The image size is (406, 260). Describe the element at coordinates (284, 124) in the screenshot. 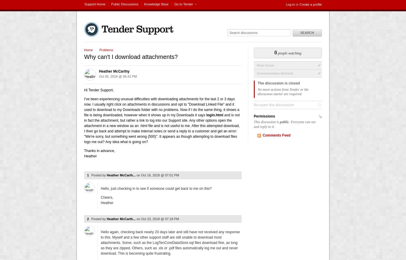

I see `'. Everyone can see and reply to it.'` at that location.